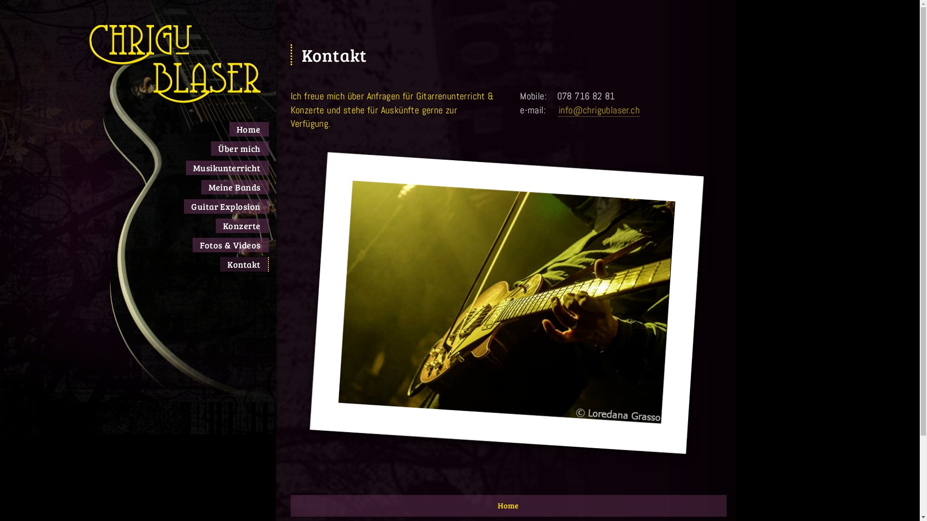  I want to click on 'Fotos & Videos', so click(230, 245).